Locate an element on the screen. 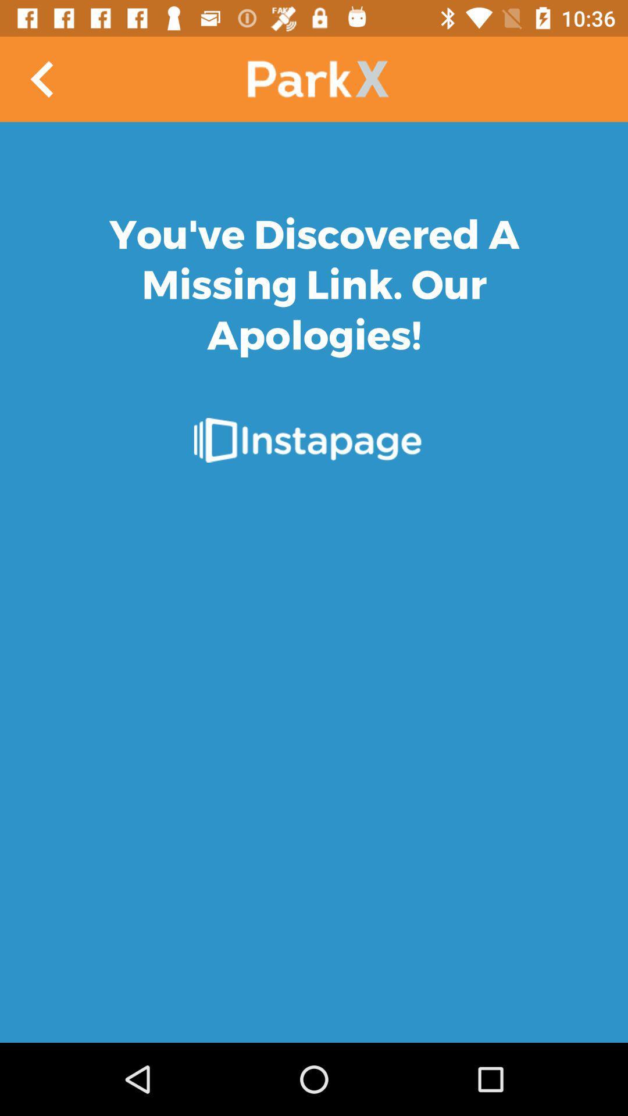 Image resolution: width=628 pixels, height=1116 pixels. link page is located at coordinates (314, 582).